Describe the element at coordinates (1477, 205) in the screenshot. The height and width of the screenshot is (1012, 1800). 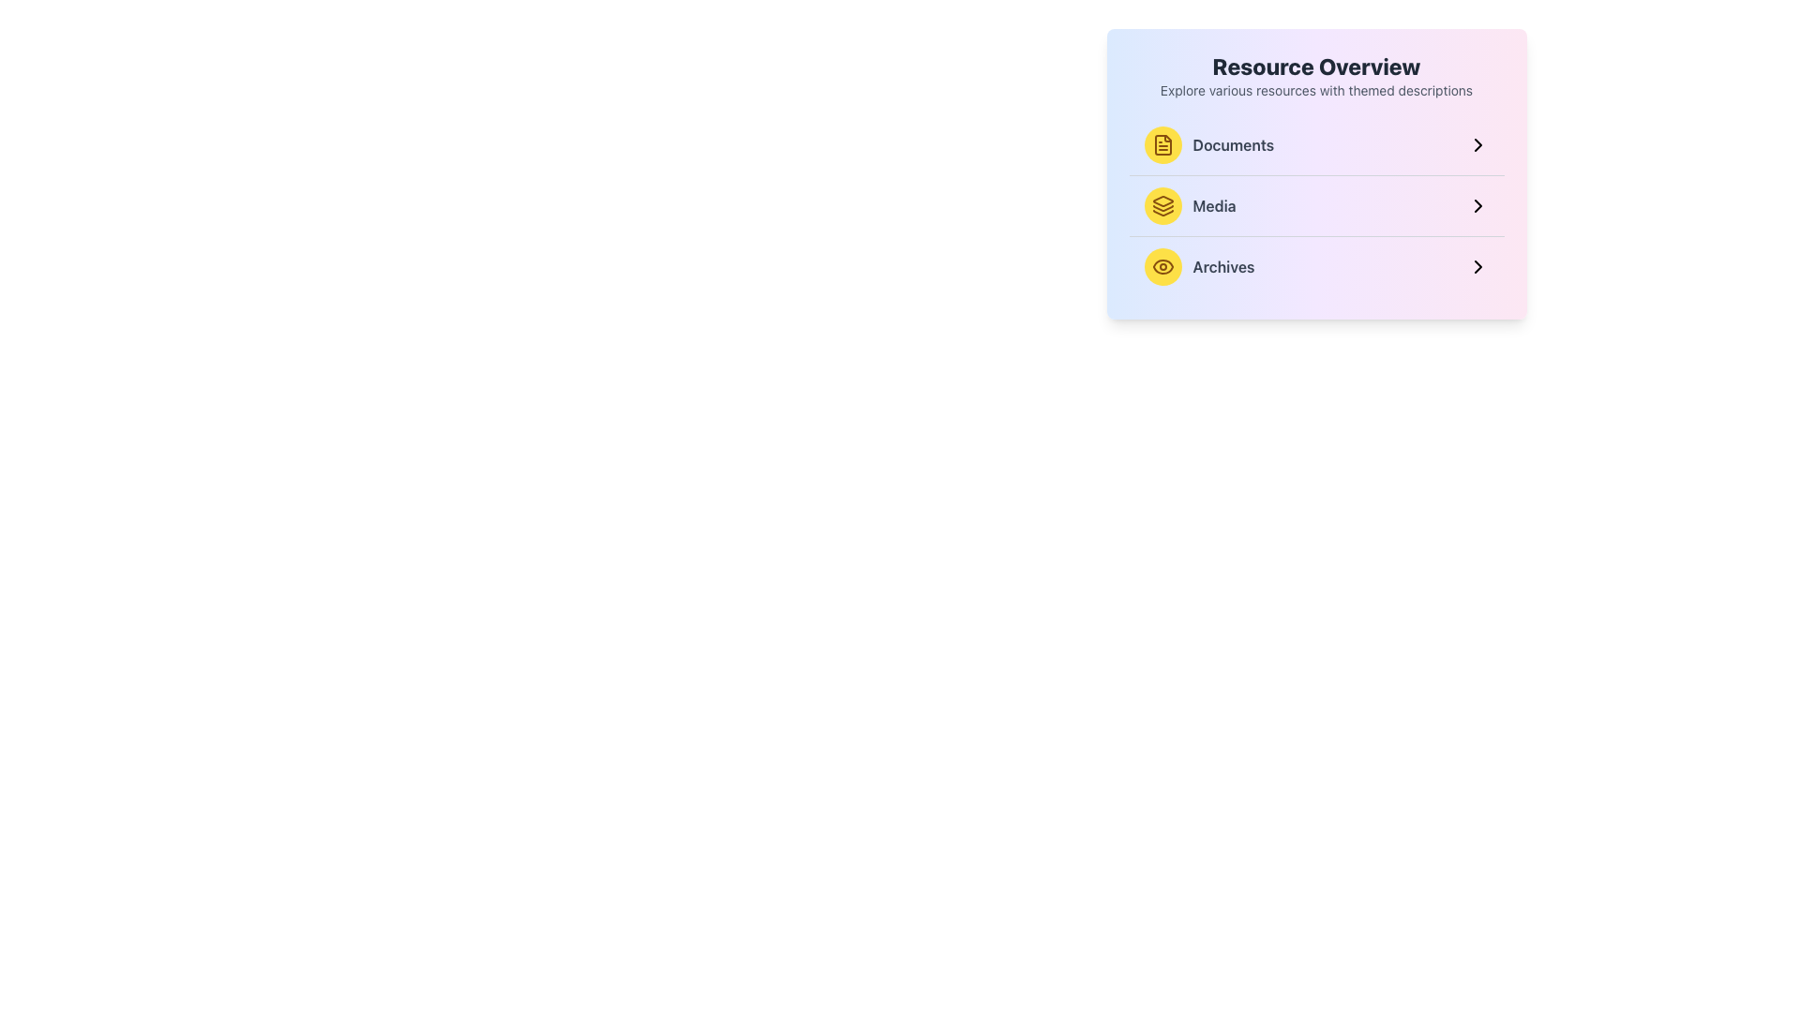
I see `the rightward-pointing chevron icon located in the 'Resource Overview' section, positioned to the right of the 'Media' label` at that location.